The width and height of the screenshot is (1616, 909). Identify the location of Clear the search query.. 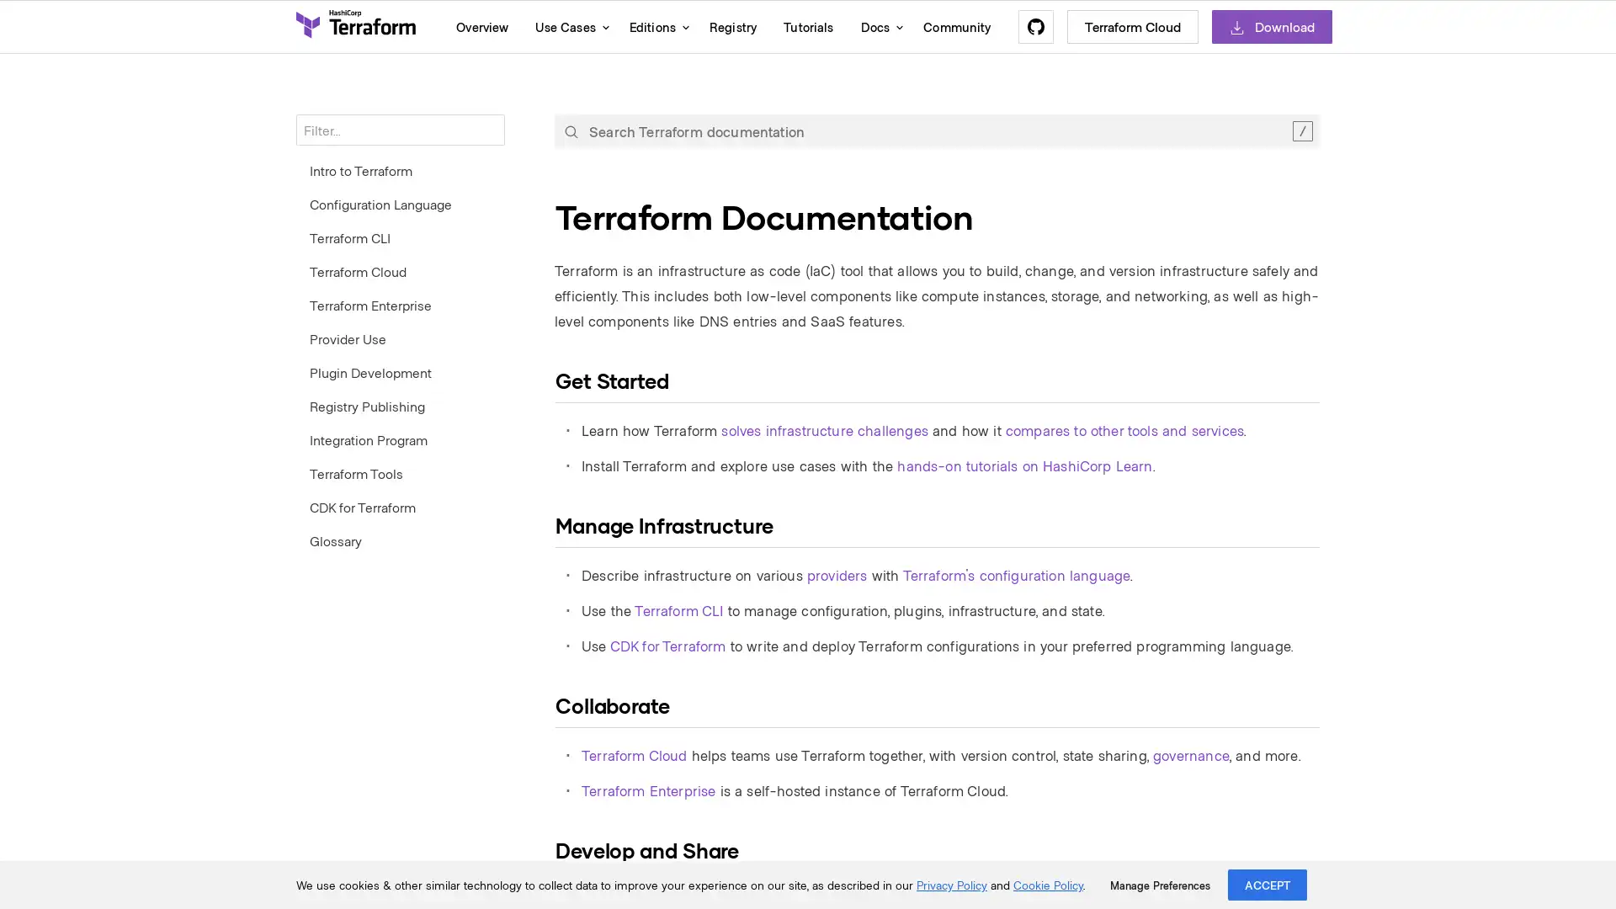
(1301, 130).